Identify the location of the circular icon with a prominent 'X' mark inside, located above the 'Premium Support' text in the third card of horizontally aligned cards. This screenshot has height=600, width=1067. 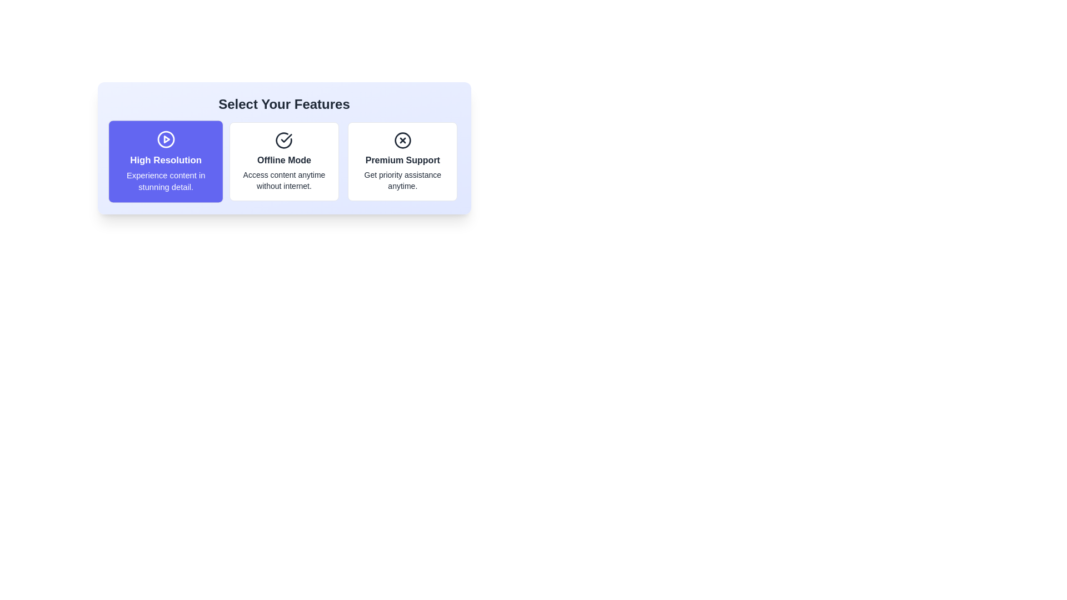
(402, 140).